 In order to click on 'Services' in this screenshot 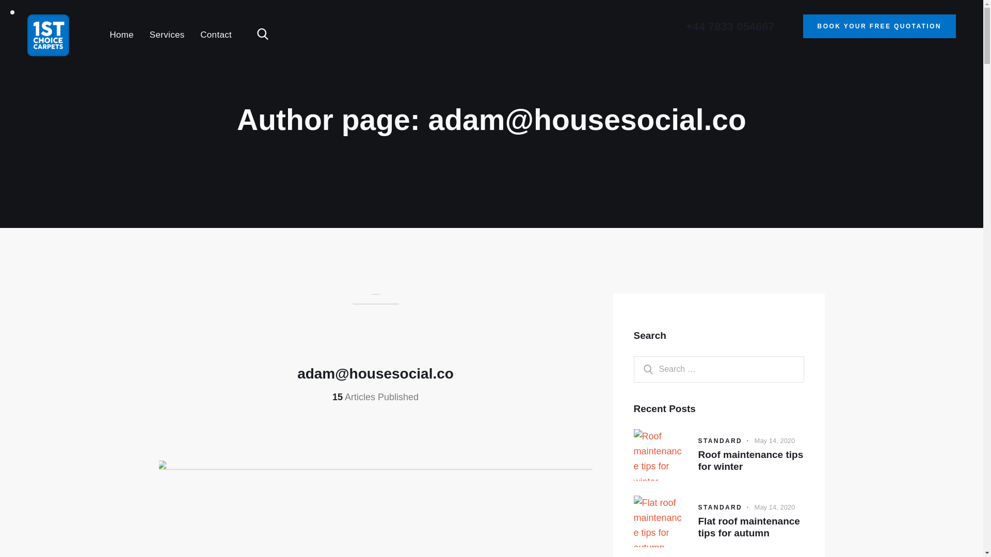, I will do `click(167, 35)`.